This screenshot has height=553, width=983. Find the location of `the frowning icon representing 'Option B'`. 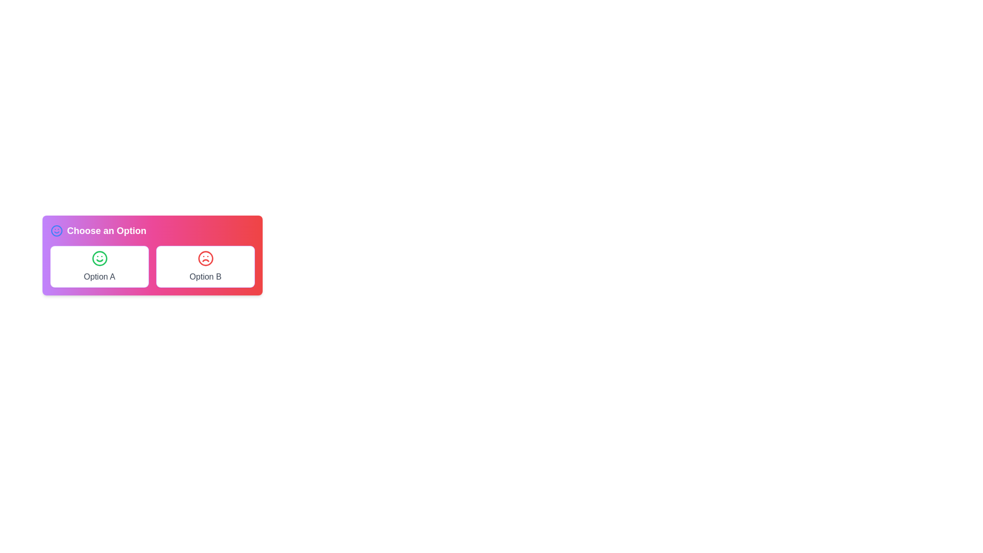

the frowning icon representing 'Option B' is located at coordinates (205, 258).